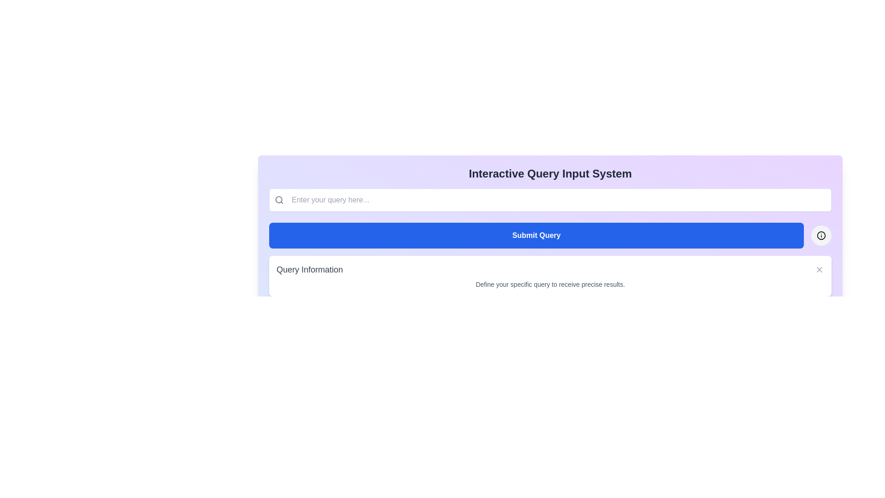 The height and width of the screenshot is (498, 885). I want to click on the icon button located at the right edge of the 'Query Information' section header to observe the hover effects, so click(819, 270).